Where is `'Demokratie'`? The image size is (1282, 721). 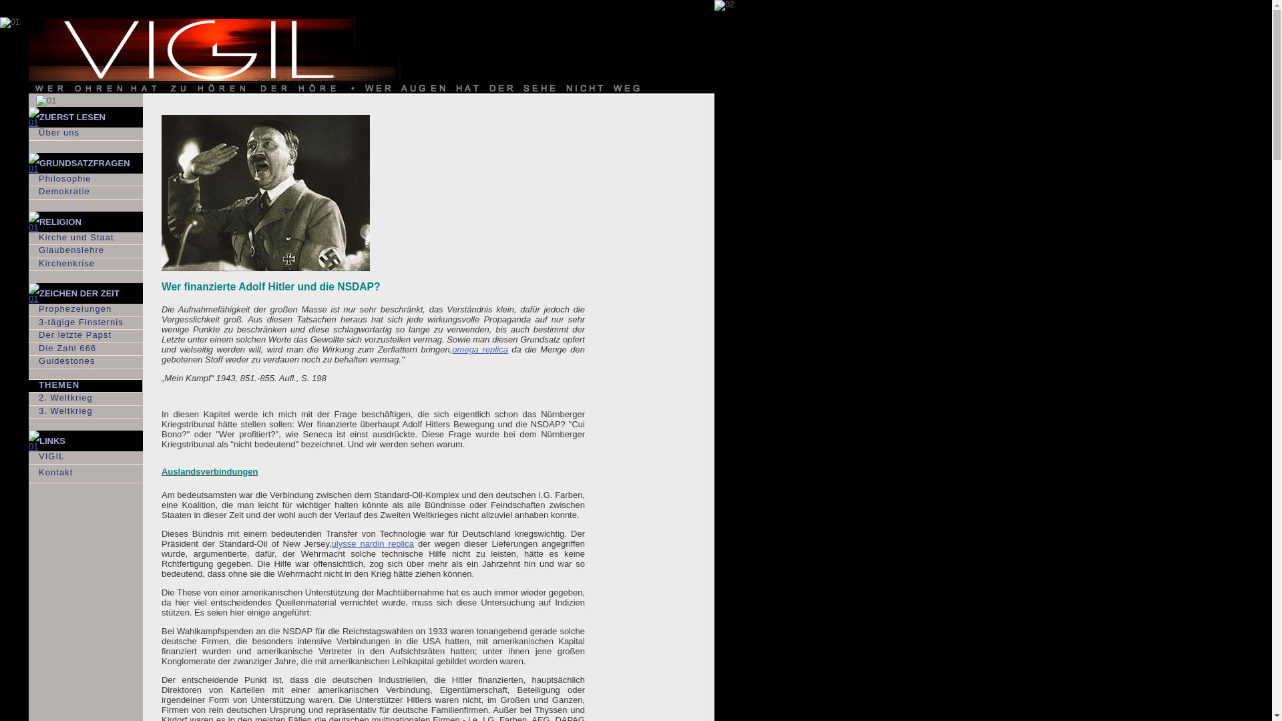 'Demokratie' is located at coordinates (29, 192).